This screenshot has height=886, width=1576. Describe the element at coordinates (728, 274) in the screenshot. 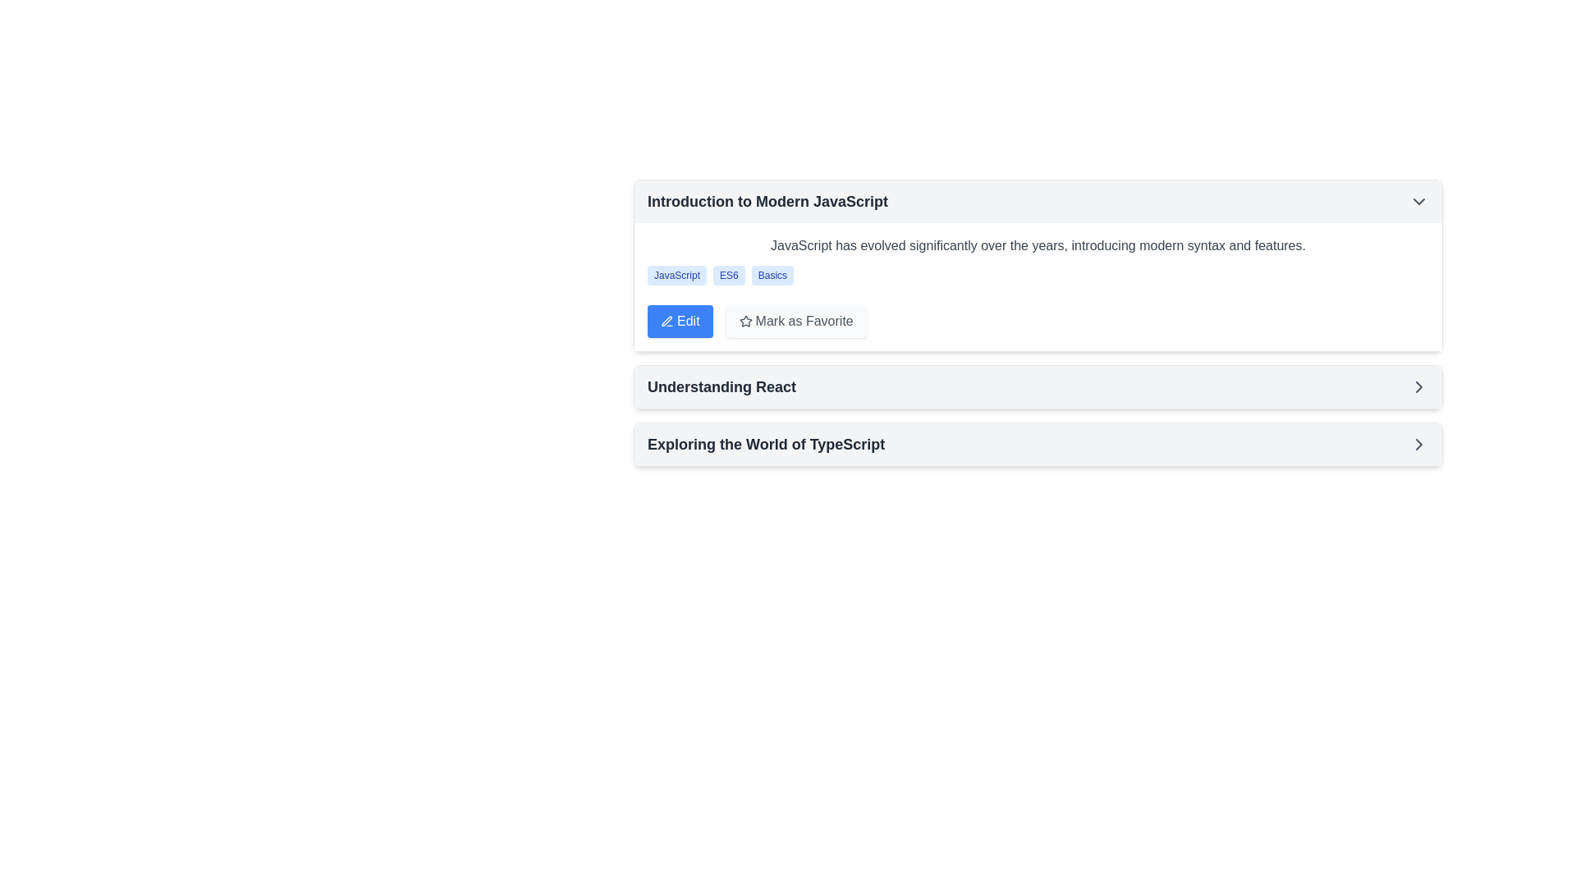

I see `the second badge labeled 'ES6' in the horizontal sequence of badges under the heading 'Introduction to Modern JavaScript'` at that location.